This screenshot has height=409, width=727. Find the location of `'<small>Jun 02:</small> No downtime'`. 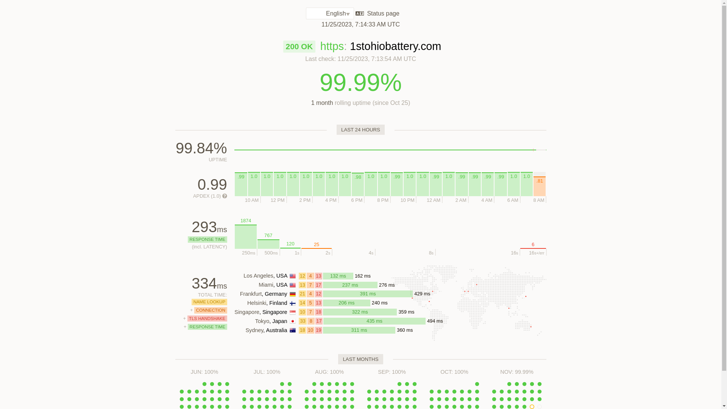

'<small>Jun 02:</small> No downtime' is located at coordinates (212, 384).